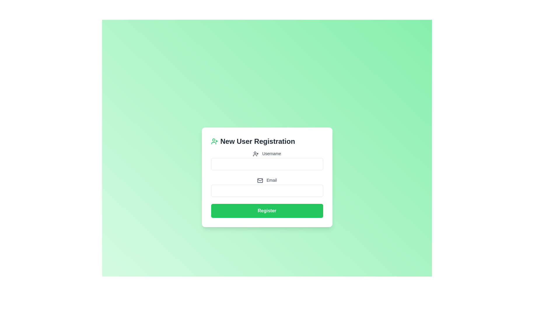 The height and width of the screenshot is (315, 560). What do you see at coordinates (267, 191) in the screenshot?
I see `the email input field in the registration form by using the tab key to highlight it, which is located below the 'Username' field and above the 'Register' button` at bounding box center [267, 191].